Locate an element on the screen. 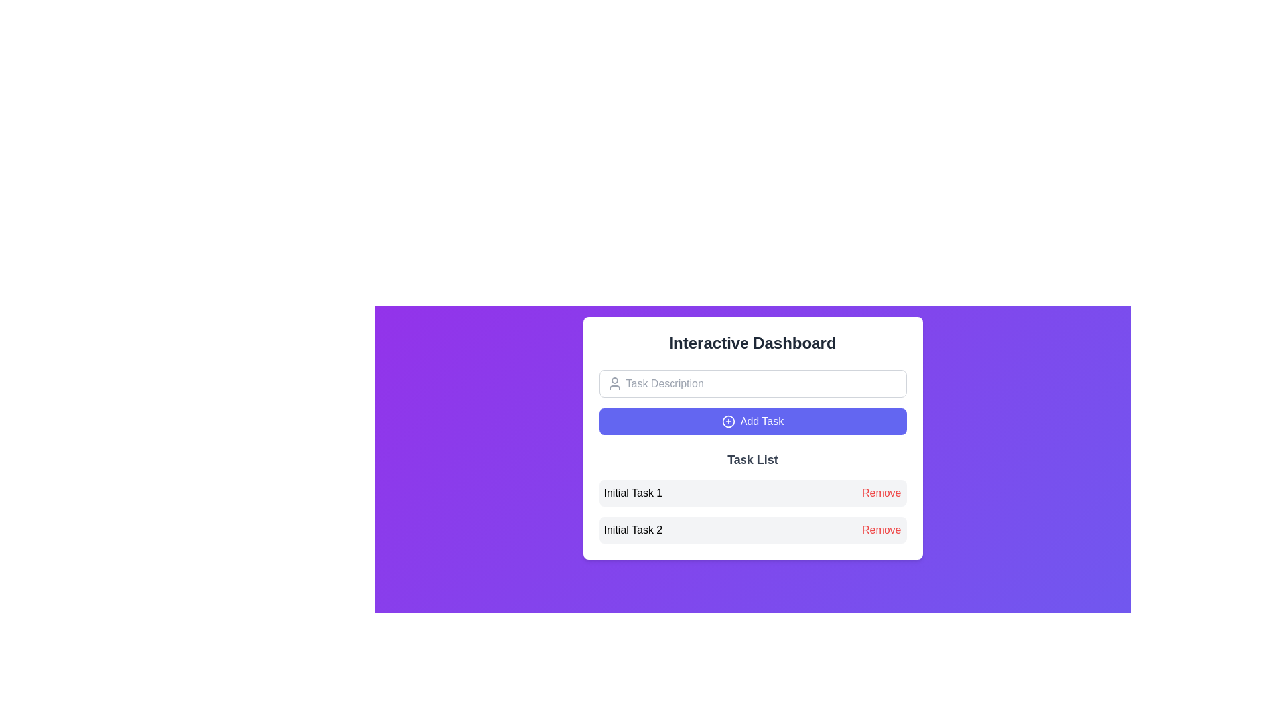 The image size is (1274, 716). text content of the Text label displaying the task name or description in the first row of the task list is located at coordinates (632, 493).